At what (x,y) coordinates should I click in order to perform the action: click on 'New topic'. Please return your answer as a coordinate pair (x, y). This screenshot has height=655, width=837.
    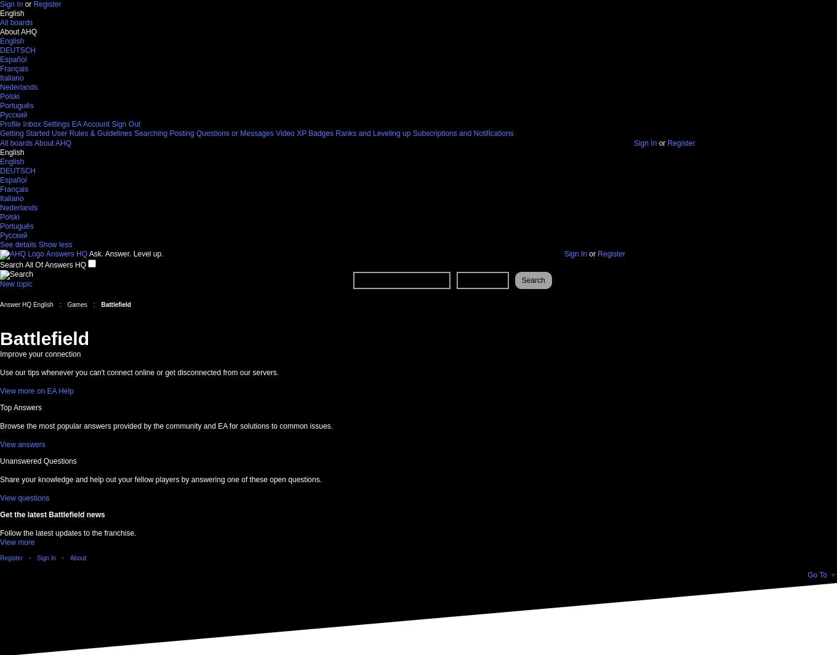
    Looking at the image, I should click on (15, 283).